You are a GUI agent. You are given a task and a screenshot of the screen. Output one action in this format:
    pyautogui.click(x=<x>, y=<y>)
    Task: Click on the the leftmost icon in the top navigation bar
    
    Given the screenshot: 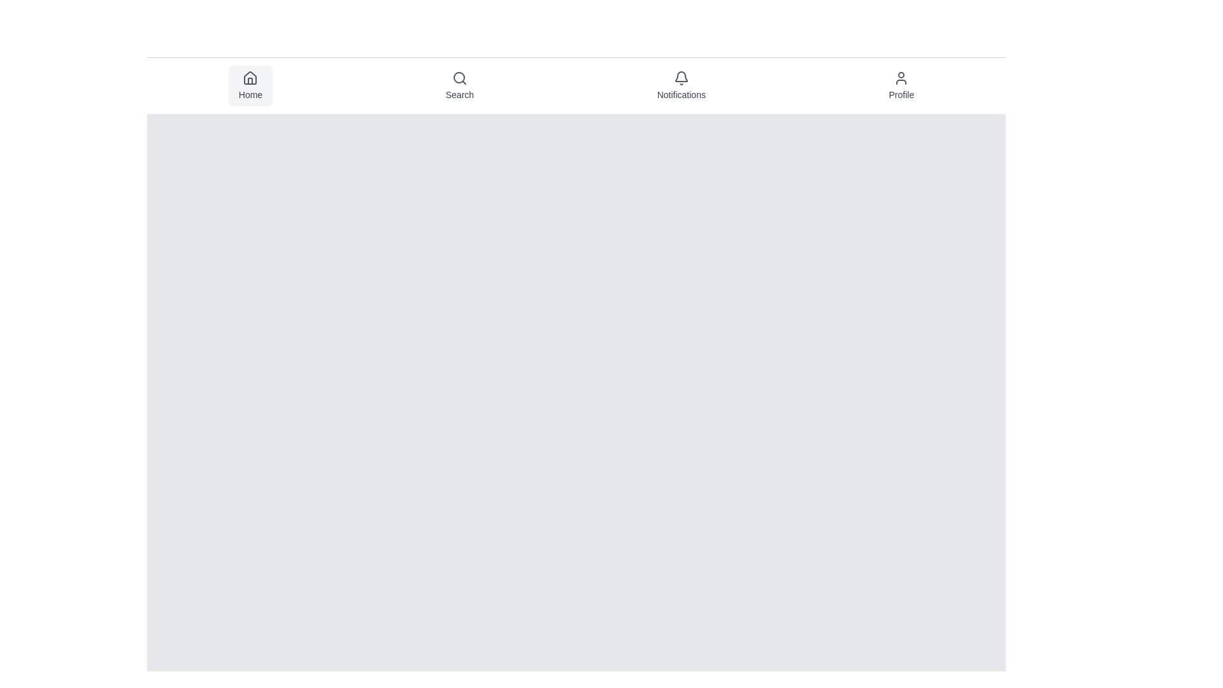 What is the action you would take?
    pyautogui.click(x=250, y=78)
    